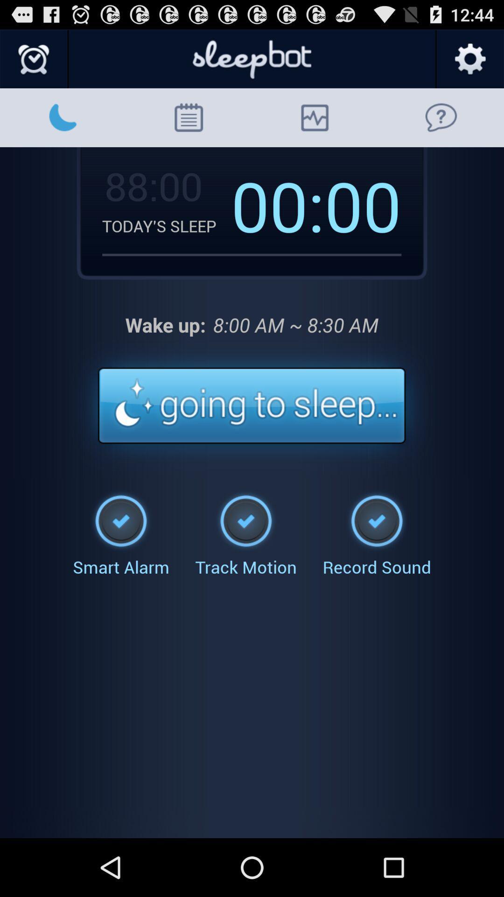  Describe the element at coordinates (469, 63) in the screenshot. I see `the settings icon` at that location.